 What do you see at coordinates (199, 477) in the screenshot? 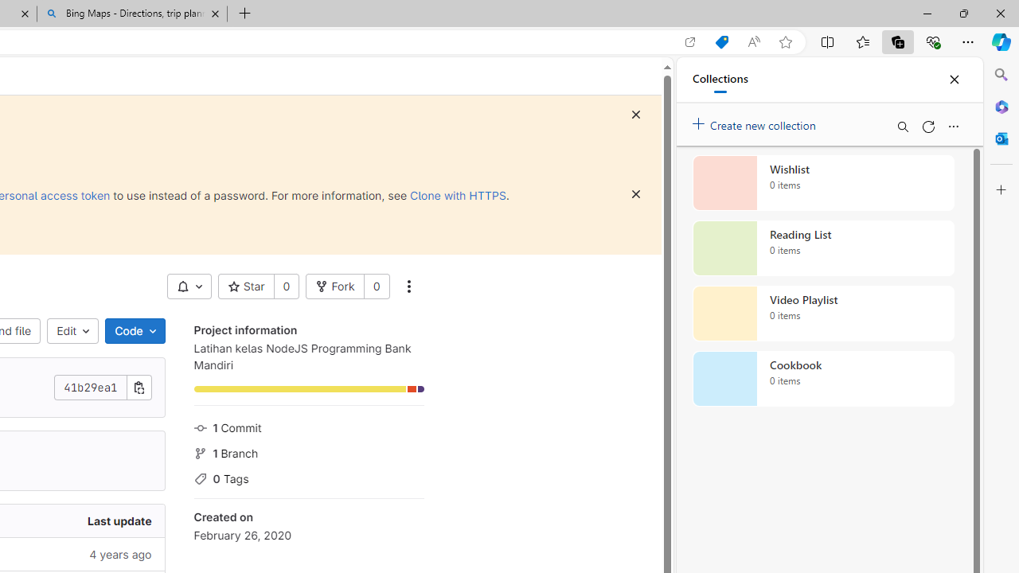
I see `'Class: s16 icon gl-mr-3 gl-text-gray-500'` at bounding box center [199, 477].